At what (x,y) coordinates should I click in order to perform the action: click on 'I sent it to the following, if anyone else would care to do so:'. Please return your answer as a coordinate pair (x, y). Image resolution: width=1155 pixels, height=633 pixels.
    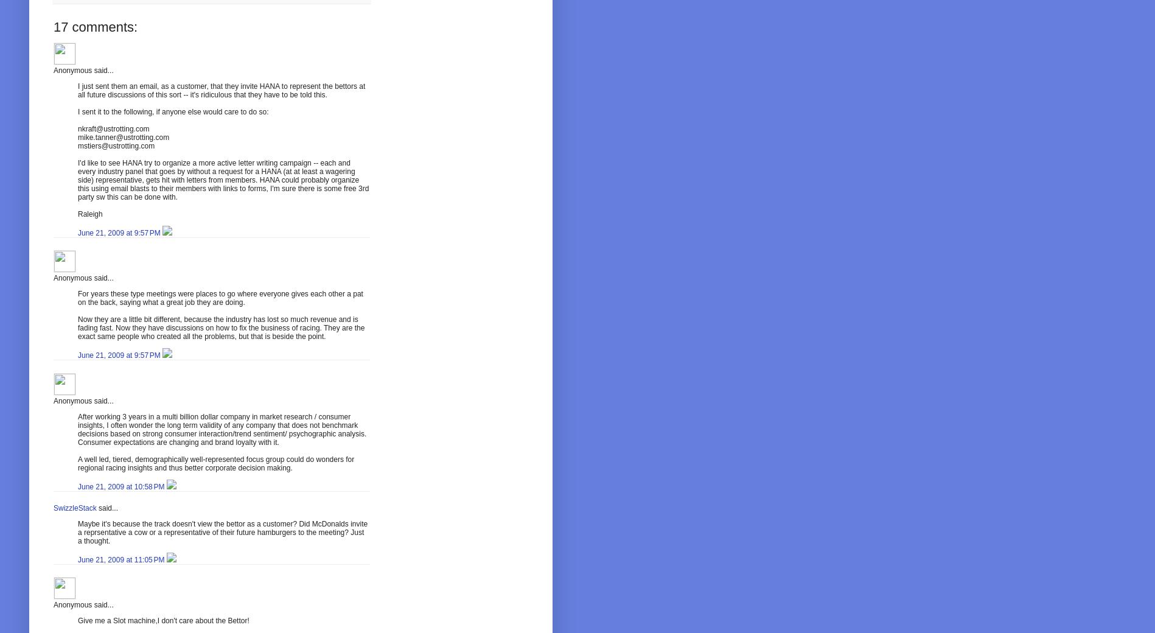
    Looking at the image, I should click on (172, 111).